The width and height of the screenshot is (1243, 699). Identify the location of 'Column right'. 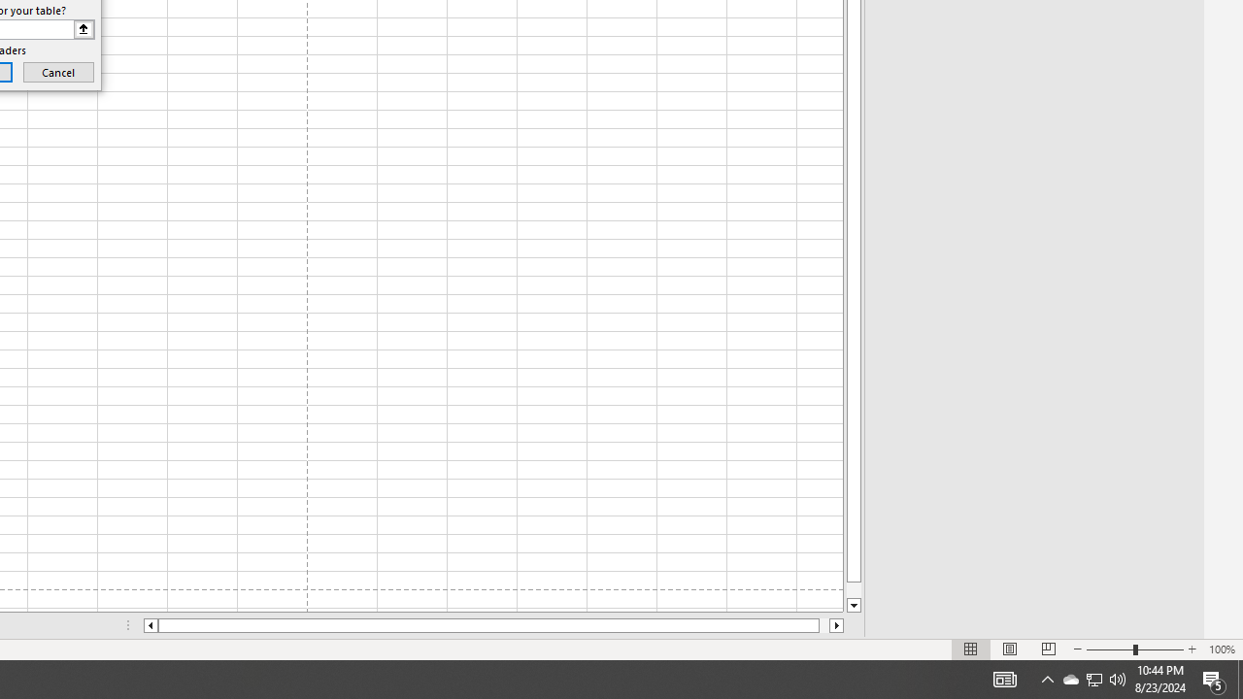
(837, 625).